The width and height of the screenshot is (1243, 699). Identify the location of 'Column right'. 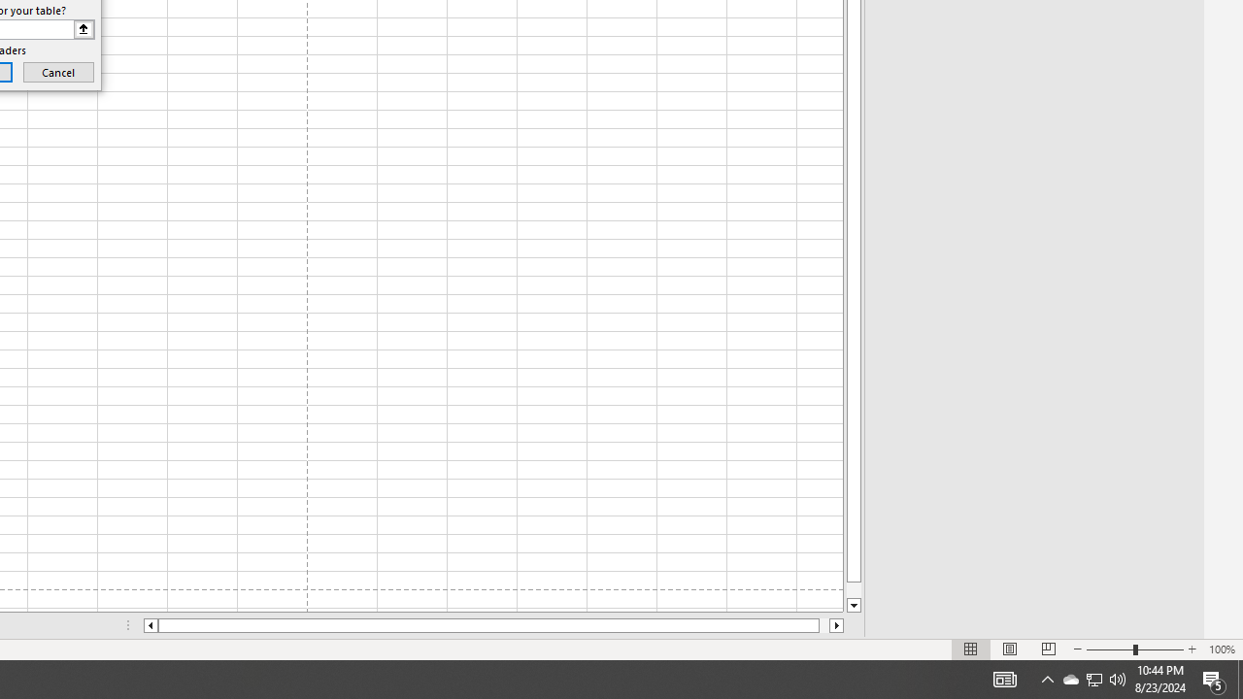
(837, 625).